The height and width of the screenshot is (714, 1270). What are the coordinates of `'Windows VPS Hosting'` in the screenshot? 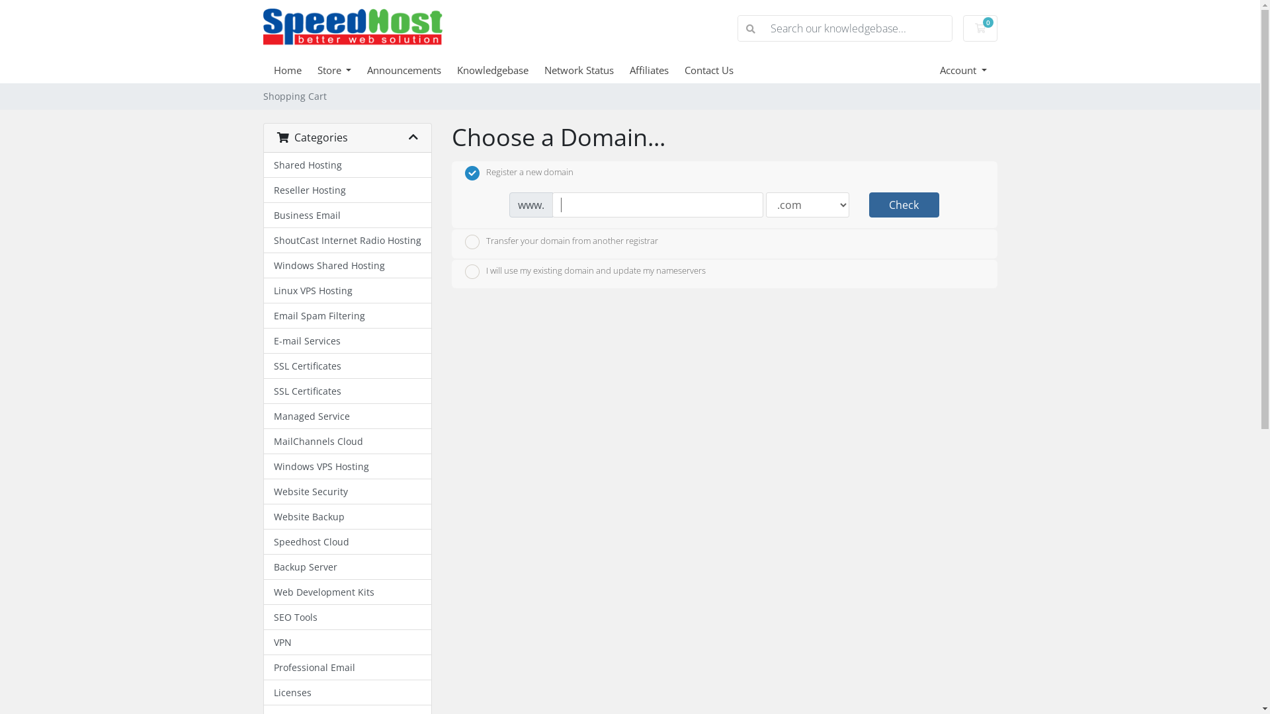 It's located at (347, 465).